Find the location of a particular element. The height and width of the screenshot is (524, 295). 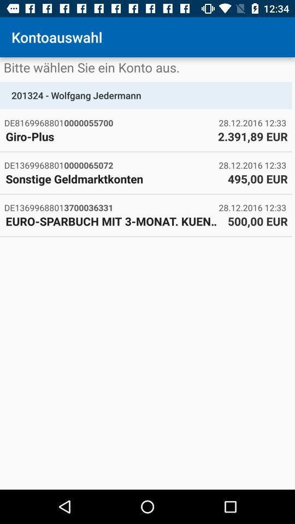

icon next to 495,00 eur icon is located at coordinates (113, 178).